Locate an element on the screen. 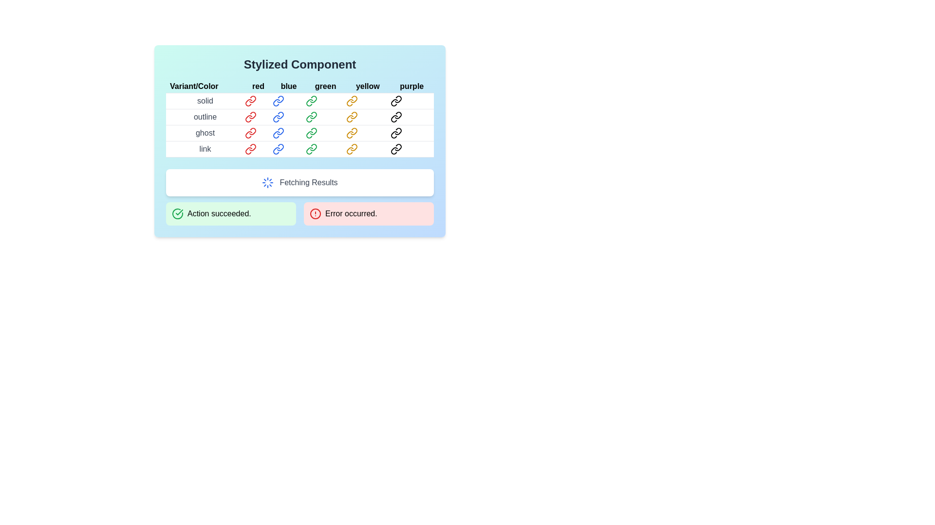 The image size is (935, 525). the green link icon styled with modern SVG line art located in the 'green' column under the 'solid' row of the main table is located at coordinates (312, 101).